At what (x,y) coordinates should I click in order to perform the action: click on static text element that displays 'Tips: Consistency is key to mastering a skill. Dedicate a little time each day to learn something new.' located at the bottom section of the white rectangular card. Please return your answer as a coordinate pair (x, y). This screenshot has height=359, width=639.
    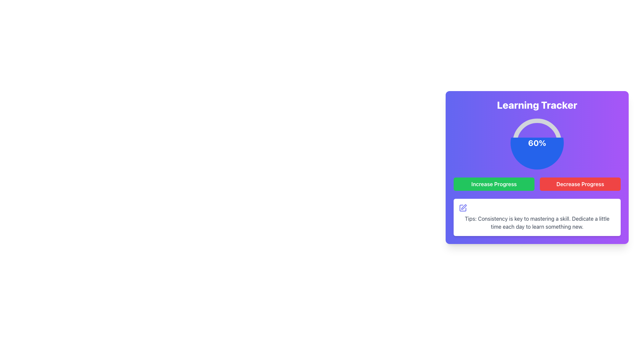
    Looking at the image, I should click on (537, 223).